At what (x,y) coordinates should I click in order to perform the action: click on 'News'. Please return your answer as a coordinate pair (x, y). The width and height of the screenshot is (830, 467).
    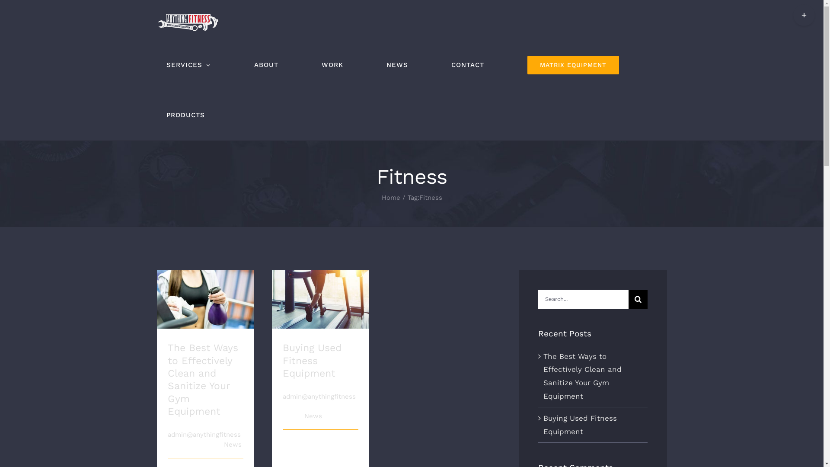
    Looking at the image, I should click on (224, 445).